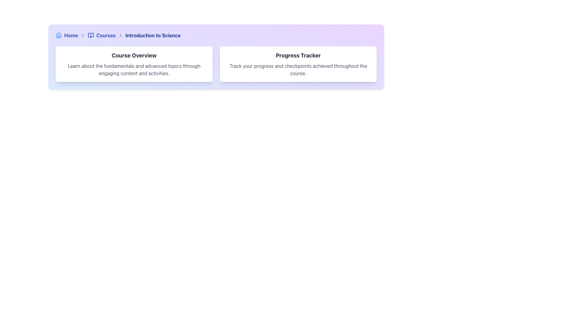 The image size is (588, 330). Describe the element at coordinates (59, 35) in the screenshot. I see `the home icon at the start of the breadcrumb navigation menu` at that location.